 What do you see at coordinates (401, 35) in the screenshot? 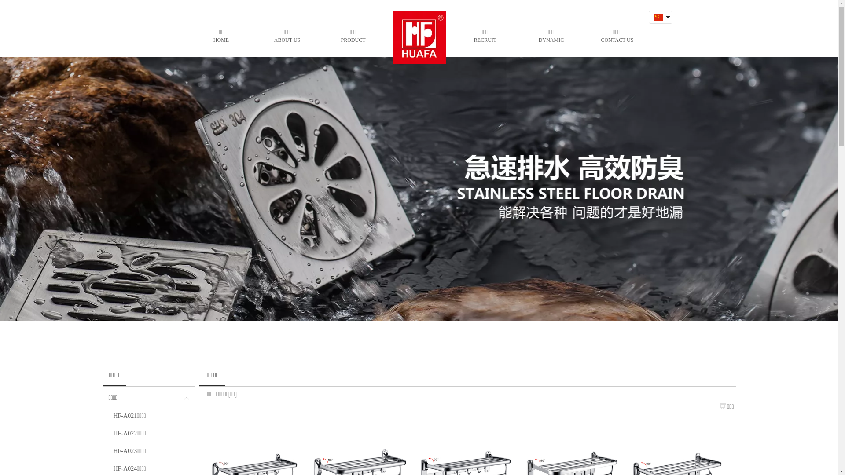
I see `'.'` at bounding box center [401, 35].